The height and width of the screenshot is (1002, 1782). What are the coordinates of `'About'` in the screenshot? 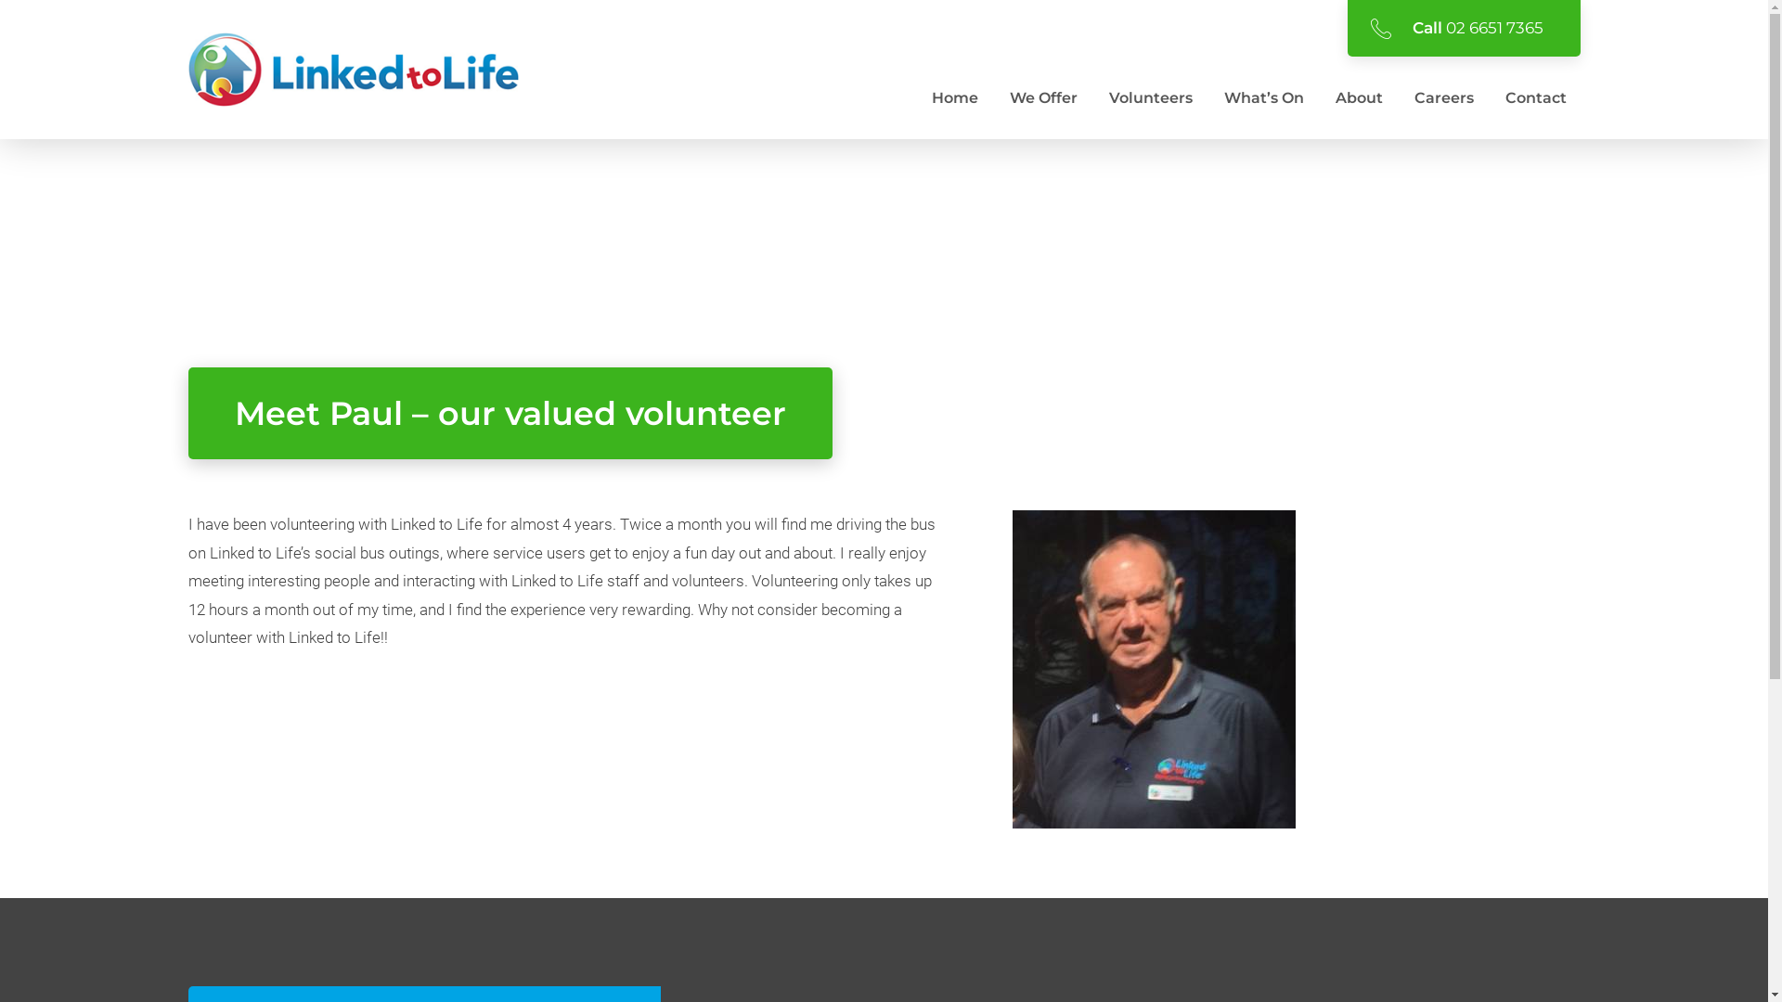 It's located at (1358, 97).